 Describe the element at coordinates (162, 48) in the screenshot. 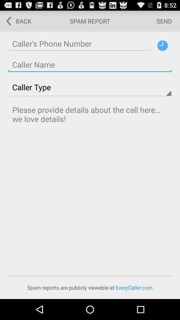

I see `the time icon` at that location.